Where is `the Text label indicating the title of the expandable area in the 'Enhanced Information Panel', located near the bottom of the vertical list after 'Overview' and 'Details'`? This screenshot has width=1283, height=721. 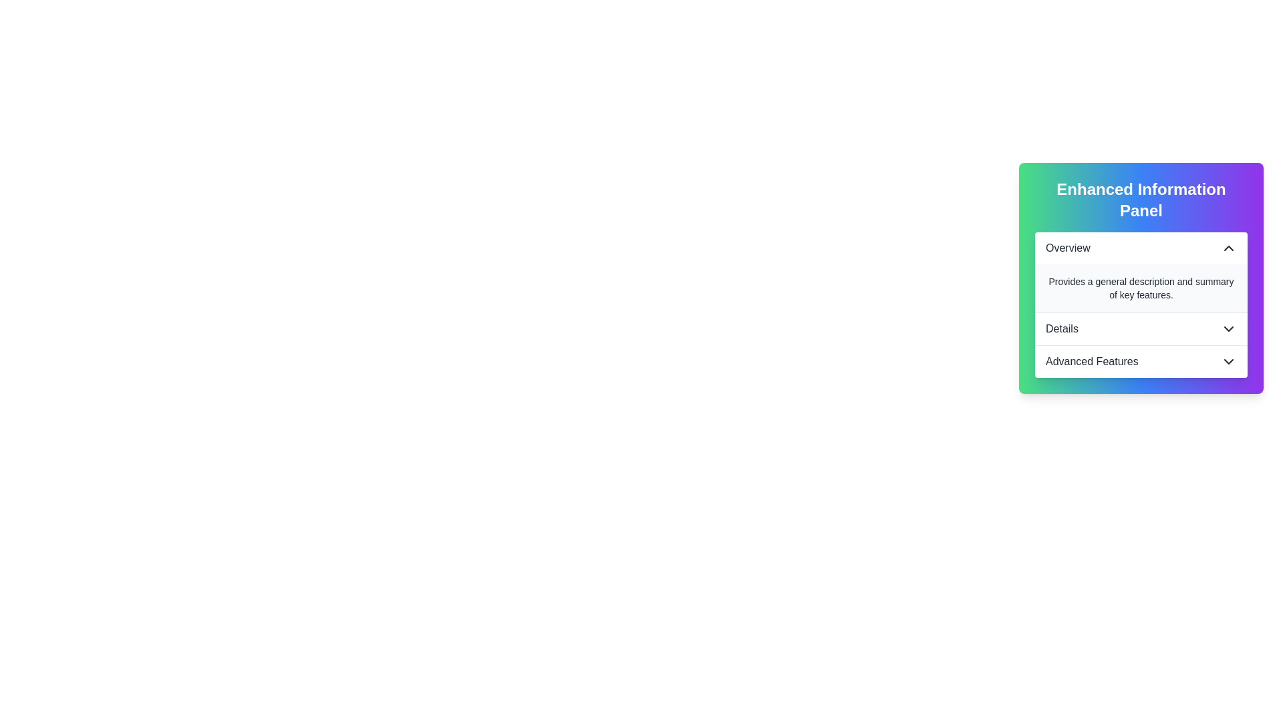
the Text label indicating the title of the expandable area in the 'Enhanced Information Panel', located near the bottom of the vertical list after 'Overview' and 'Details' is located at coordinates (1092, 362).